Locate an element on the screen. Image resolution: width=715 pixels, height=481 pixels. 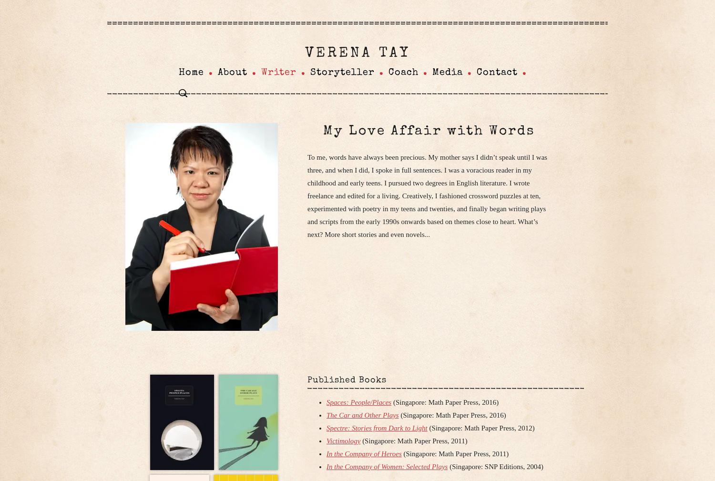
'The Car and Other Plays' is located at coordinates (362, 415).